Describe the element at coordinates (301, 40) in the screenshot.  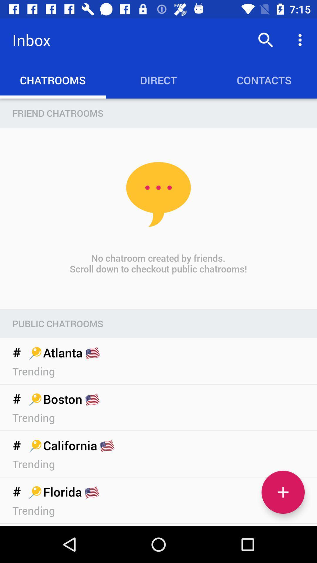
I see `icon above contacts item` at that location.